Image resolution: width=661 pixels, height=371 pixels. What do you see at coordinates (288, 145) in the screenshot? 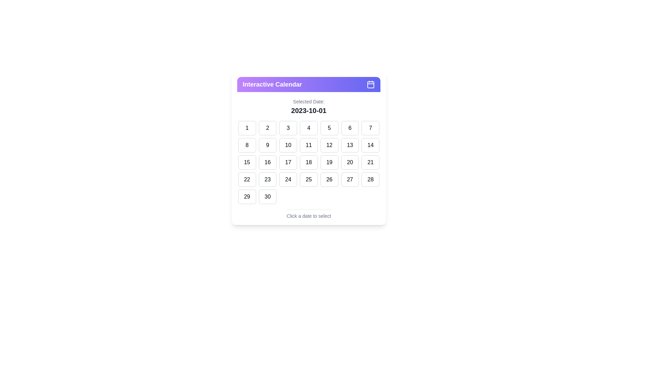
I see `the button representing the 10th day on the calendar located in the second row and third column of the grid` at bounding box center [288, 145].